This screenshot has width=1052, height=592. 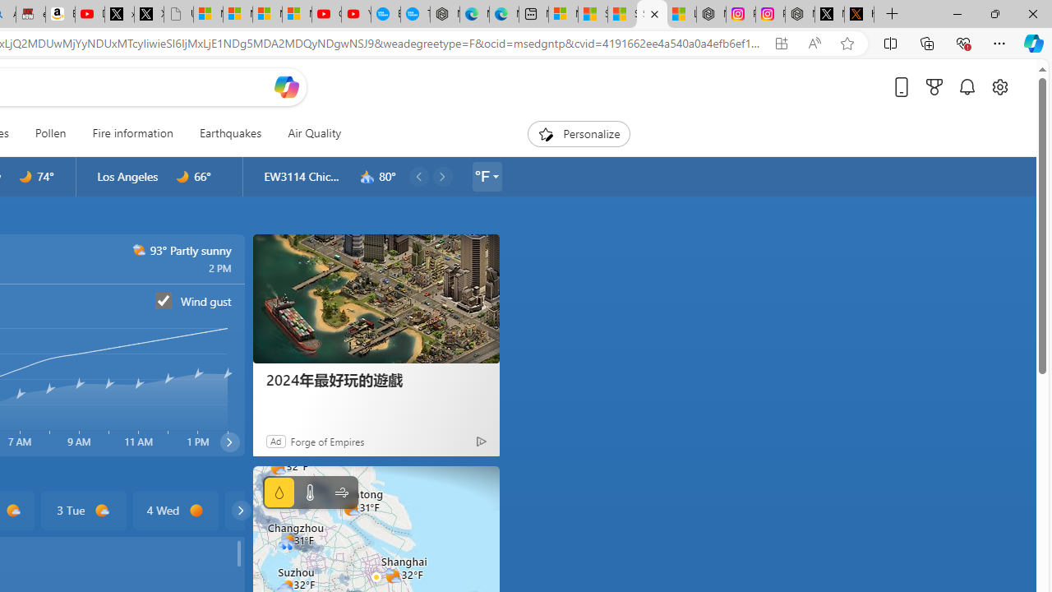 I want to click on 'Open settings', so click(x=999, y=86).